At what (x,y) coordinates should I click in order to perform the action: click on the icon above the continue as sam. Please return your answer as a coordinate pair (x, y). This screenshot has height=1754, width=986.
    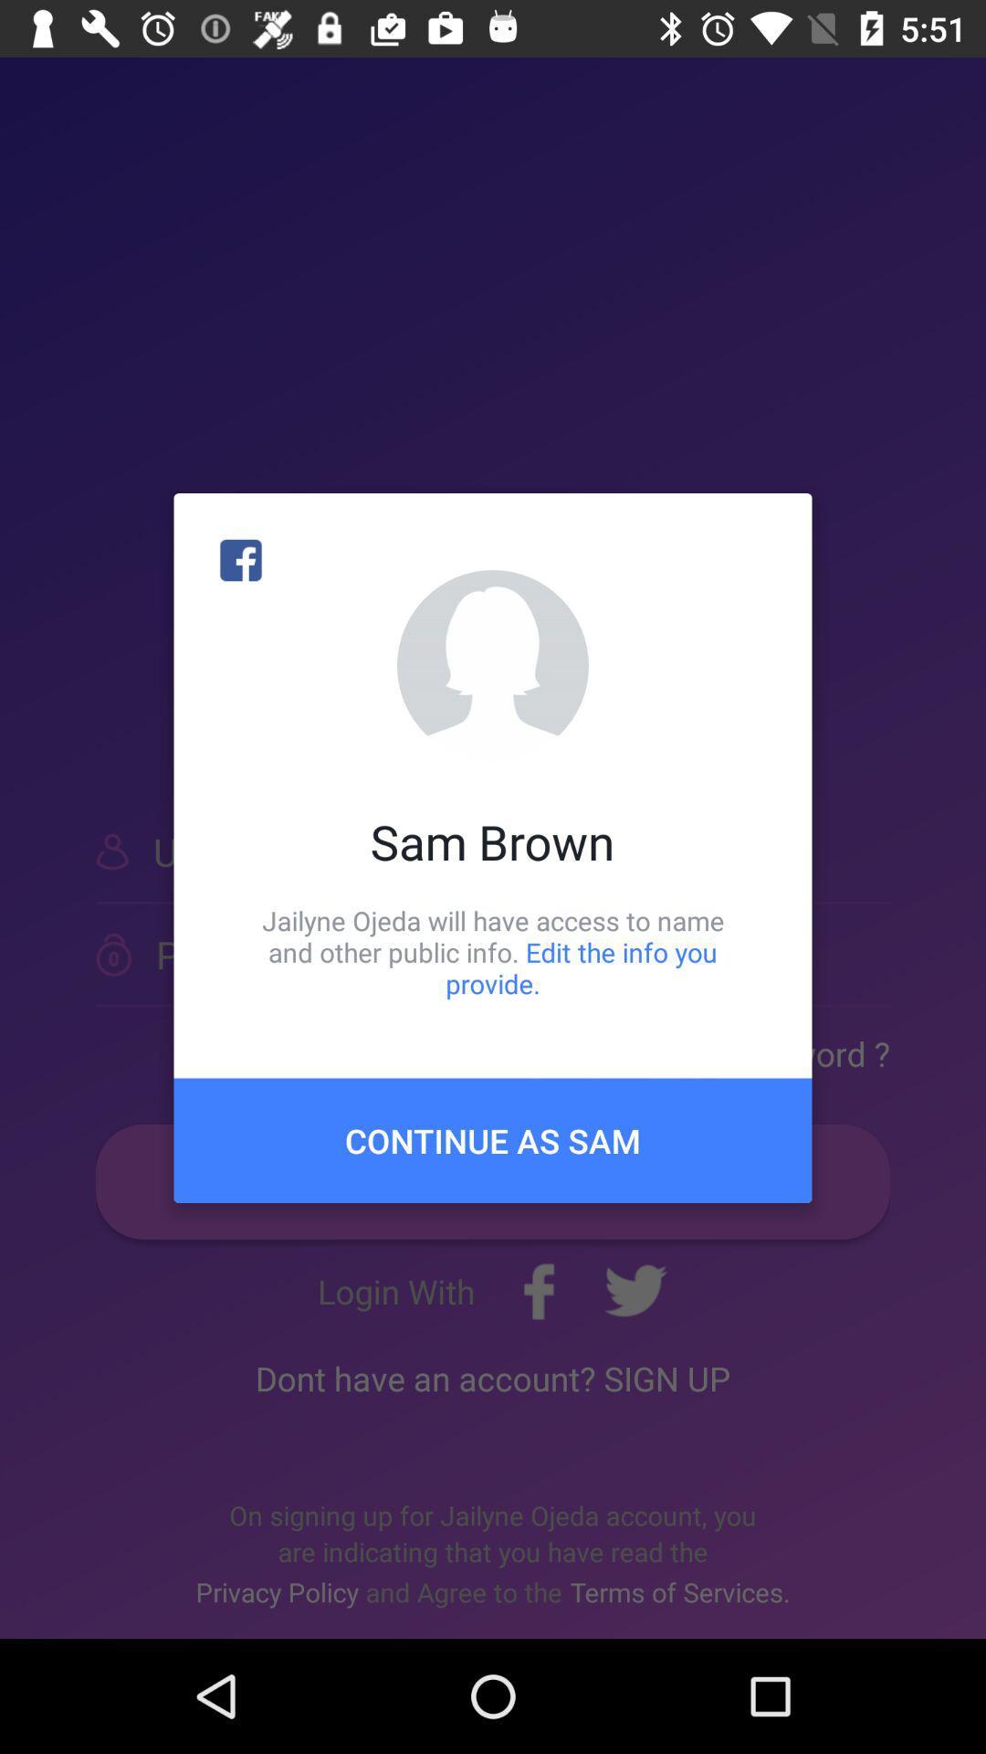
    Looking at the image, I should click on (493, 951).